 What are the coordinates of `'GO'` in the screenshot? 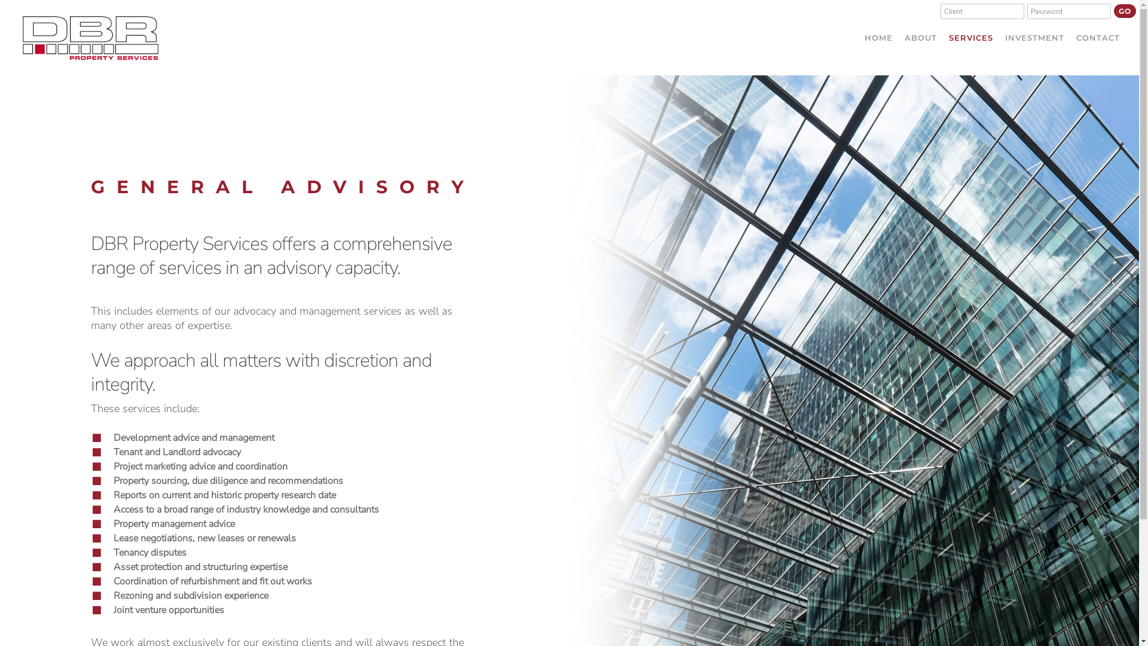 It's located at (1124, 11).